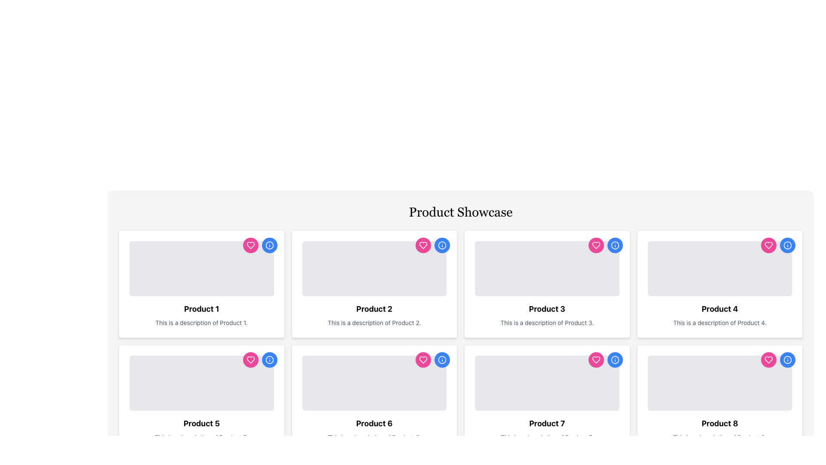 The width and height of the screenshot is (826, 465). What do you see at coordinates (787, 360) in the screenshot?
I see `the decorative circle element that visually represents information related to the 'info' icon, located at the top-right corner of the 'Product 8' card in the product showcase grid` at bounding box center [787, 360].